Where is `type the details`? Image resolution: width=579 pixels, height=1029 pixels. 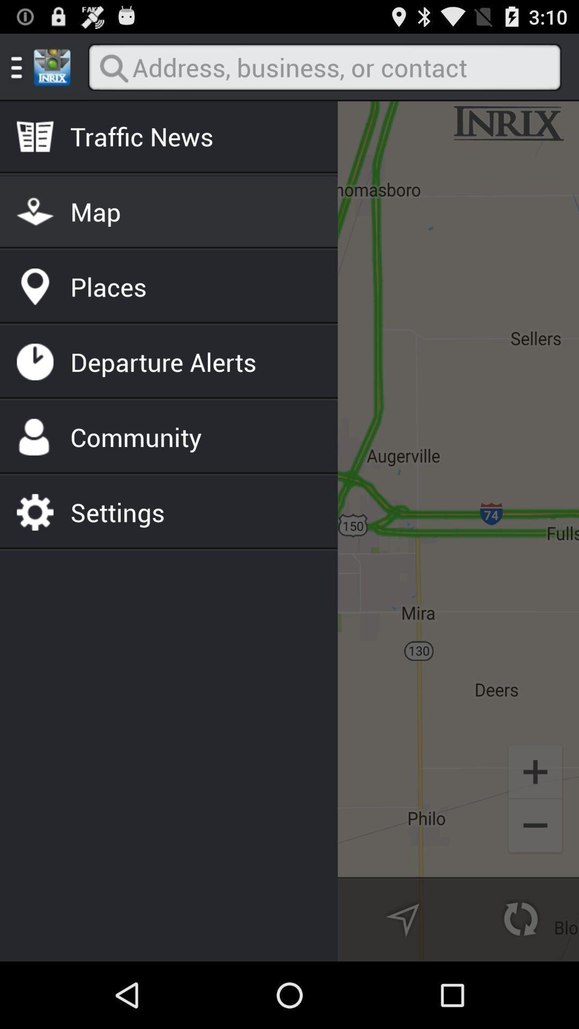
type the details is located at coordinates (324, 66).